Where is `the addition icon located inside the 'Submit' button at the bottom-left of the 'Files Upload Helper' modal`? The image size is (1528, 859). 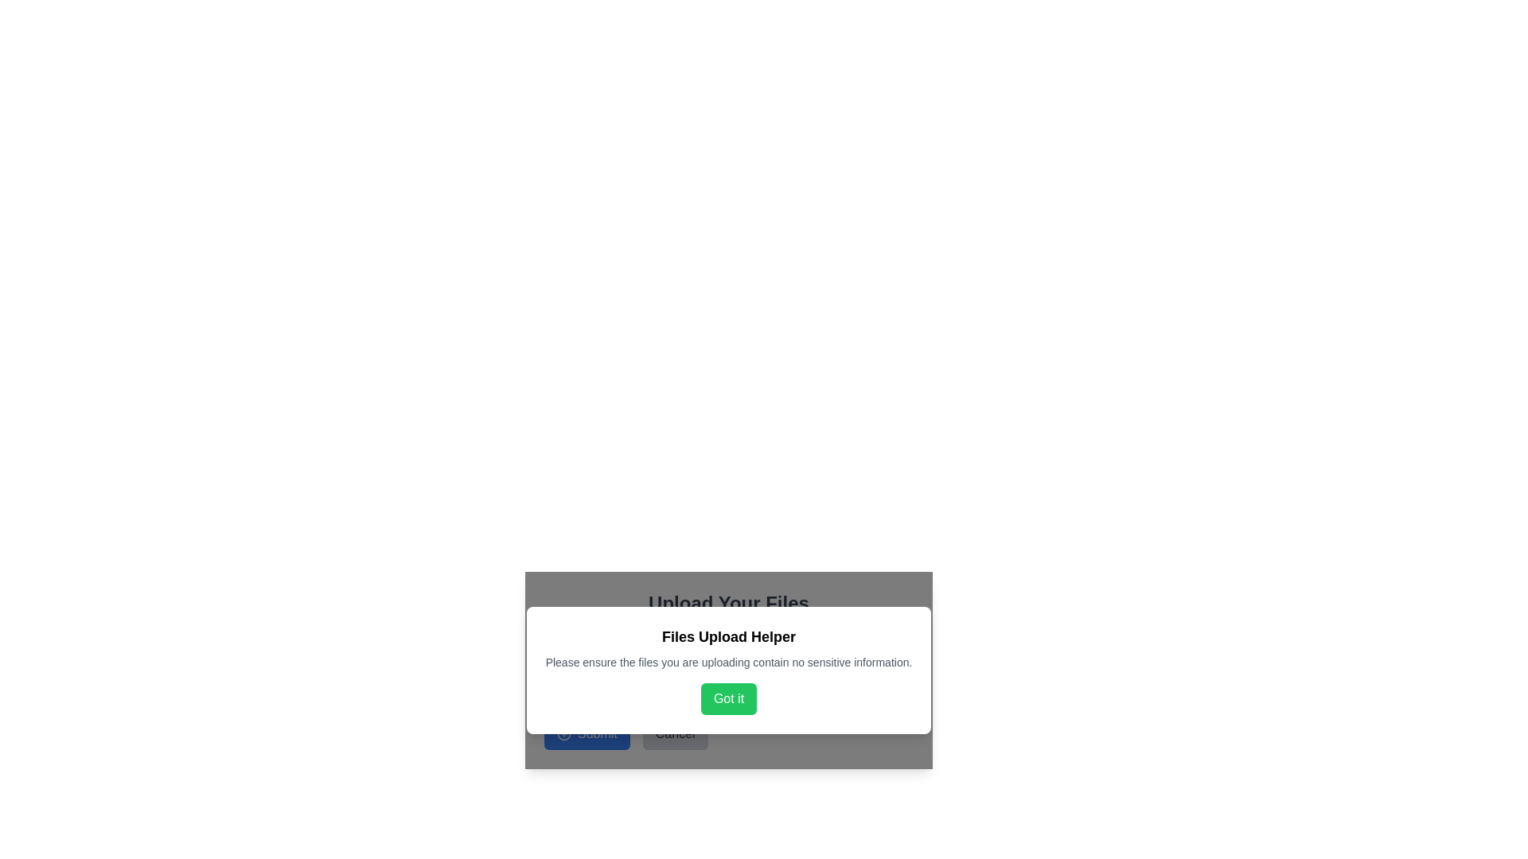 the addition icon located inside the 'Submit' button at the bottom-left of the 'Files Upload Helper' modal is located at coordinates (564, 733).